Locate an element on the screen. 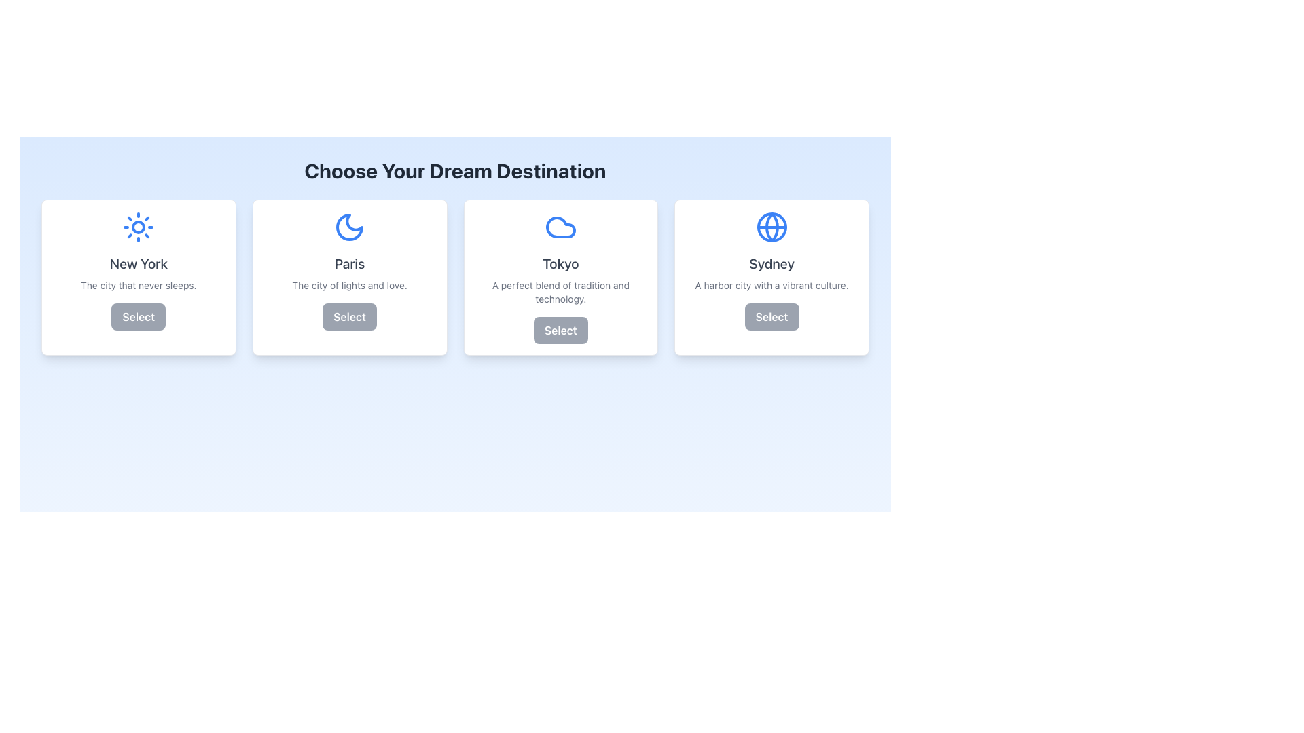 The width and height of the screenshot is (1304, 733). the 'Paris' theme icon located at the top section of the Paris card, which is centrally positioned among three similar cards is located at coordinates (350, 227).